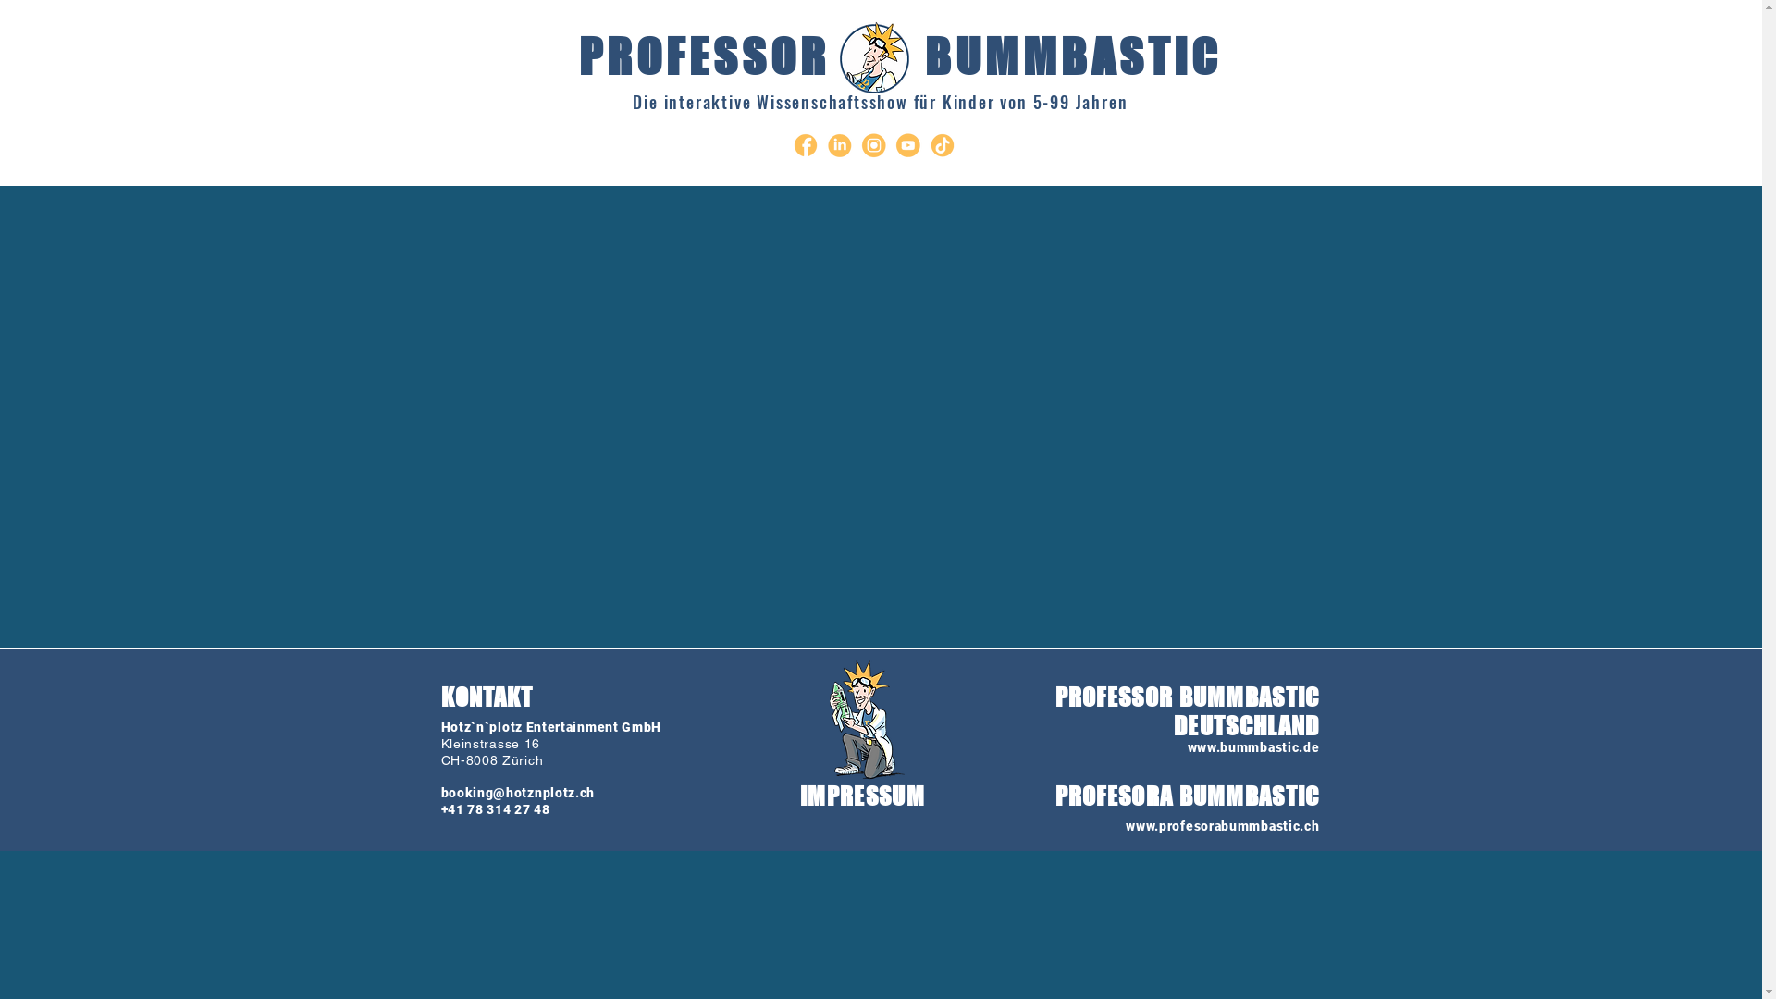 The width and height of the screenshot is (1776, 999). I want to click on 'IMPRESSUM', so click(861, 795).